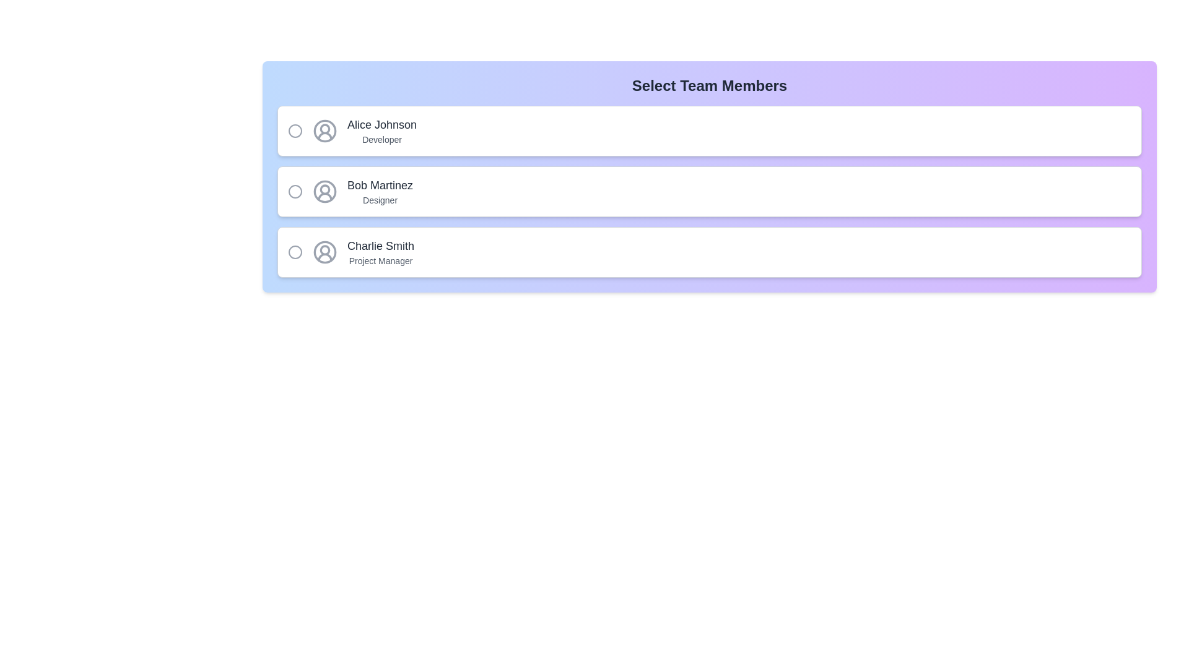 The image size is (1189, 668). I want to click on text display element containing the name 'Charlie Smith' and the title 'Project Manager', which is located as the third selectable item under 'Select Team Members', so click(380, 252).